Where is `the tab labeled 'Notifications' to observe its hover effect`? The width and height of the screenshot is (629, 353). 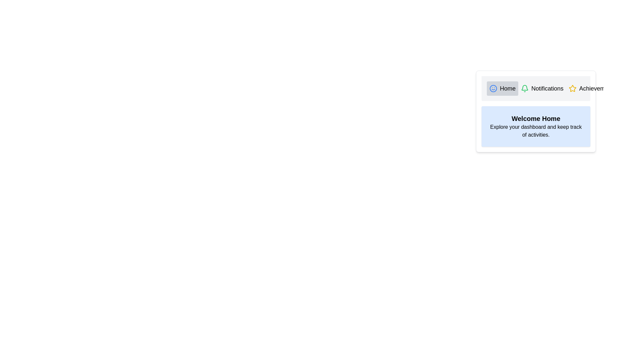
the tab labeled 'Notifications' to observe its hover effect is located at coordinates (542, 88).